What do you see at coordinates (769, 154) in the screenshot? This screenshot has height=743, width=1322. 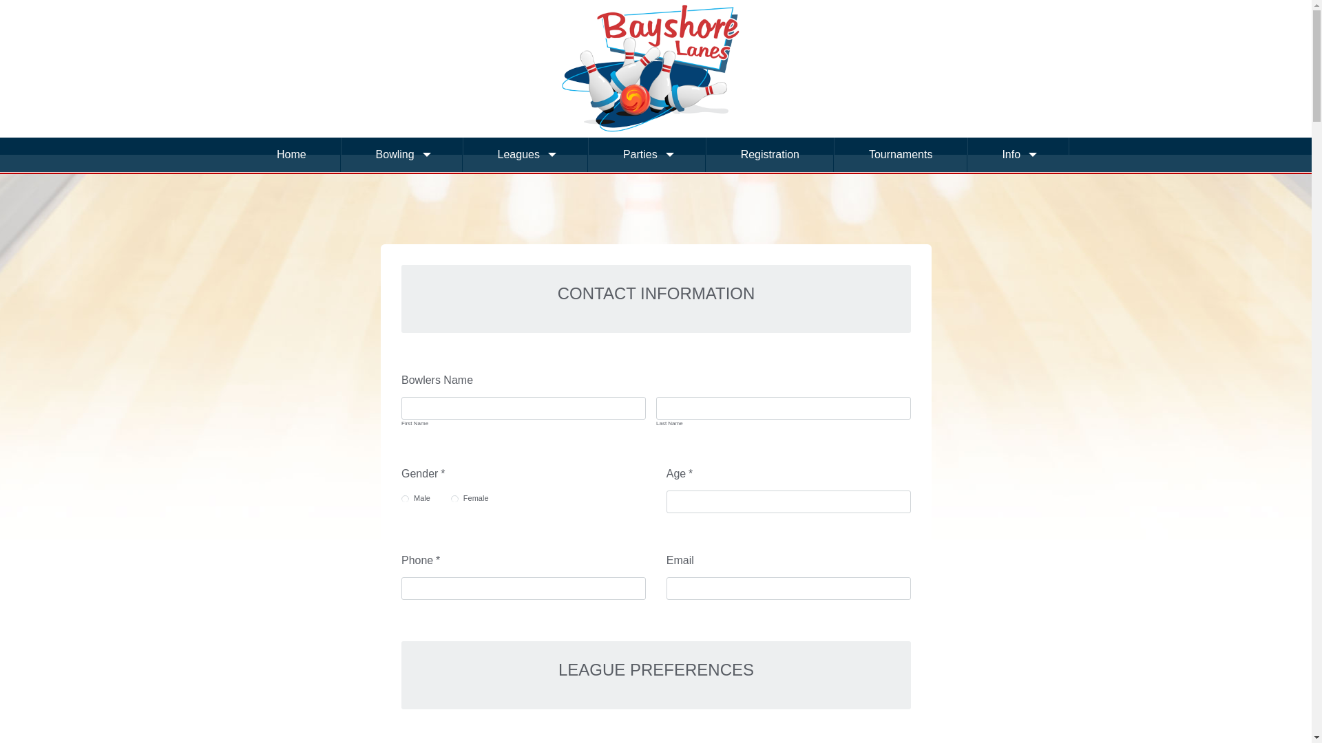 I see `'Registration'` at bounding box center [769, 154].